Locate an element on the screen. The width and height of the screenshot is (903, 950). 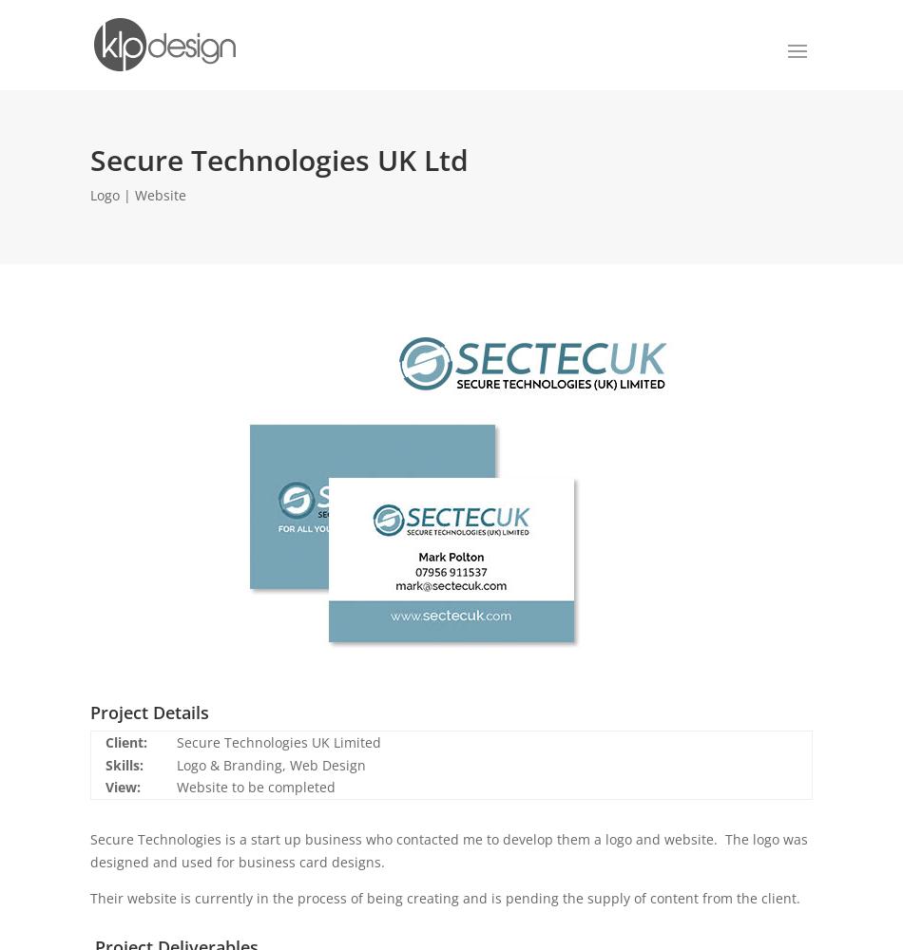
'View:' is located at coordinates (123, 786).